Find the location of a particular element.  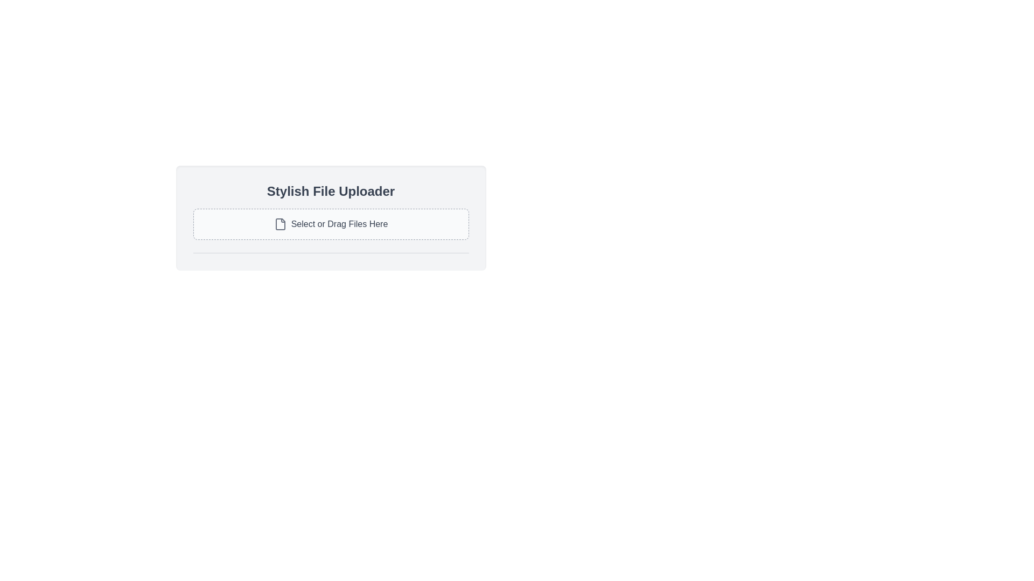

files into the rectangular area of the Stylish File Uploader, which has dashed borders and the text 'Select or Drag Files Here' is located at coordinates (330, 218).